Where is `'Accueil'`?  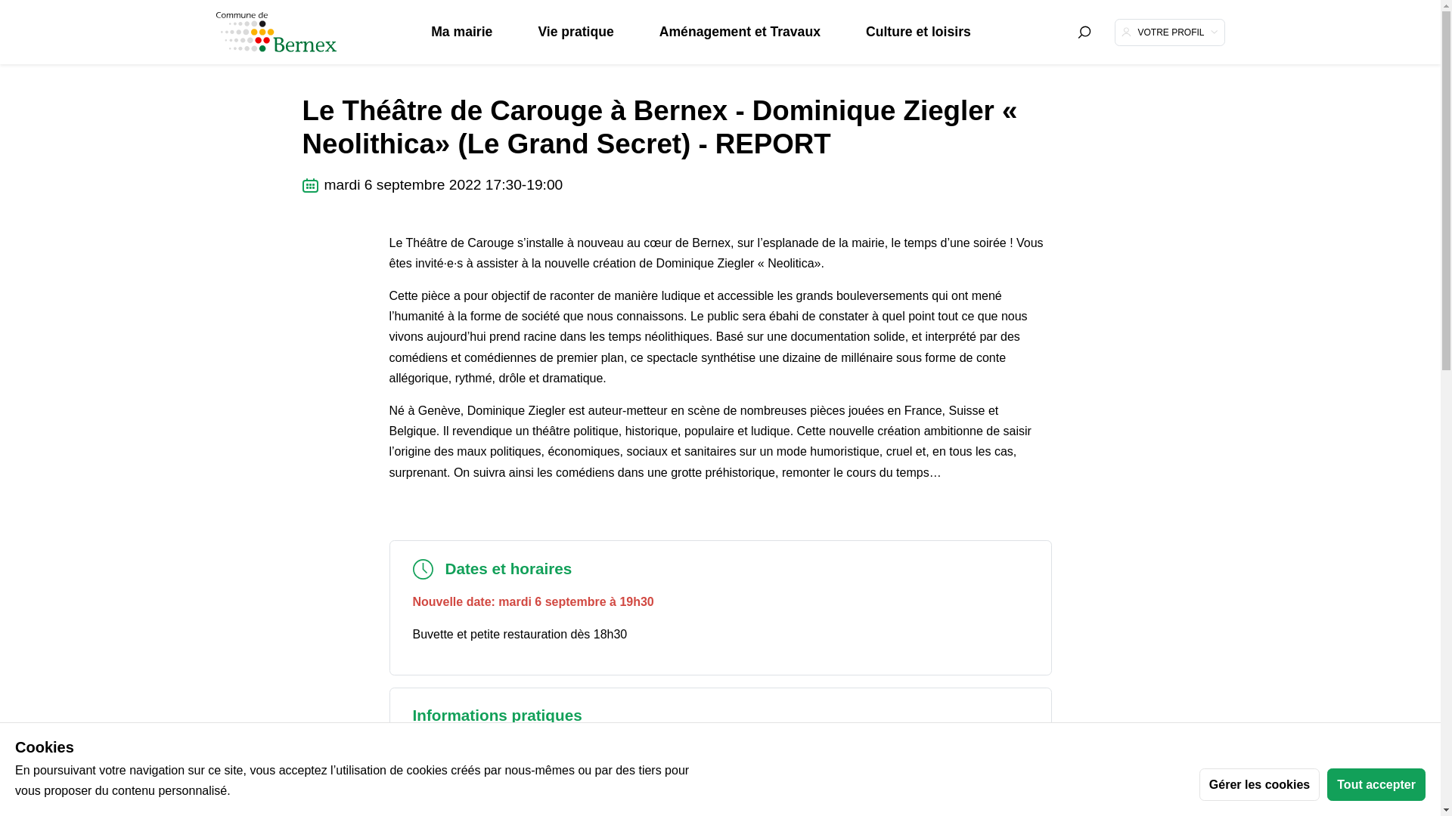 'Accueil' is located at coordinates (314, 40).